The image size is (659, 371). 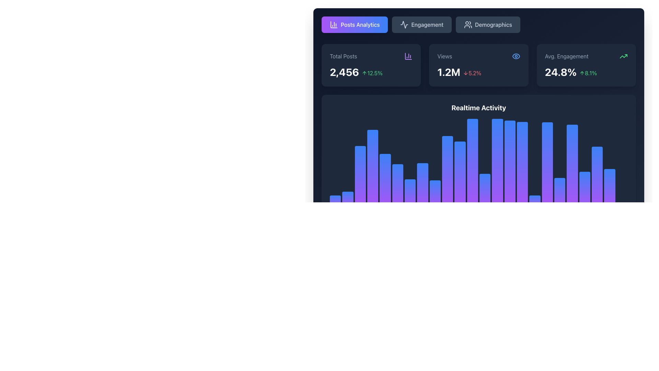 I want to click on the leftmost button in the horizontal row of buttons, so click(x=355, y=24).